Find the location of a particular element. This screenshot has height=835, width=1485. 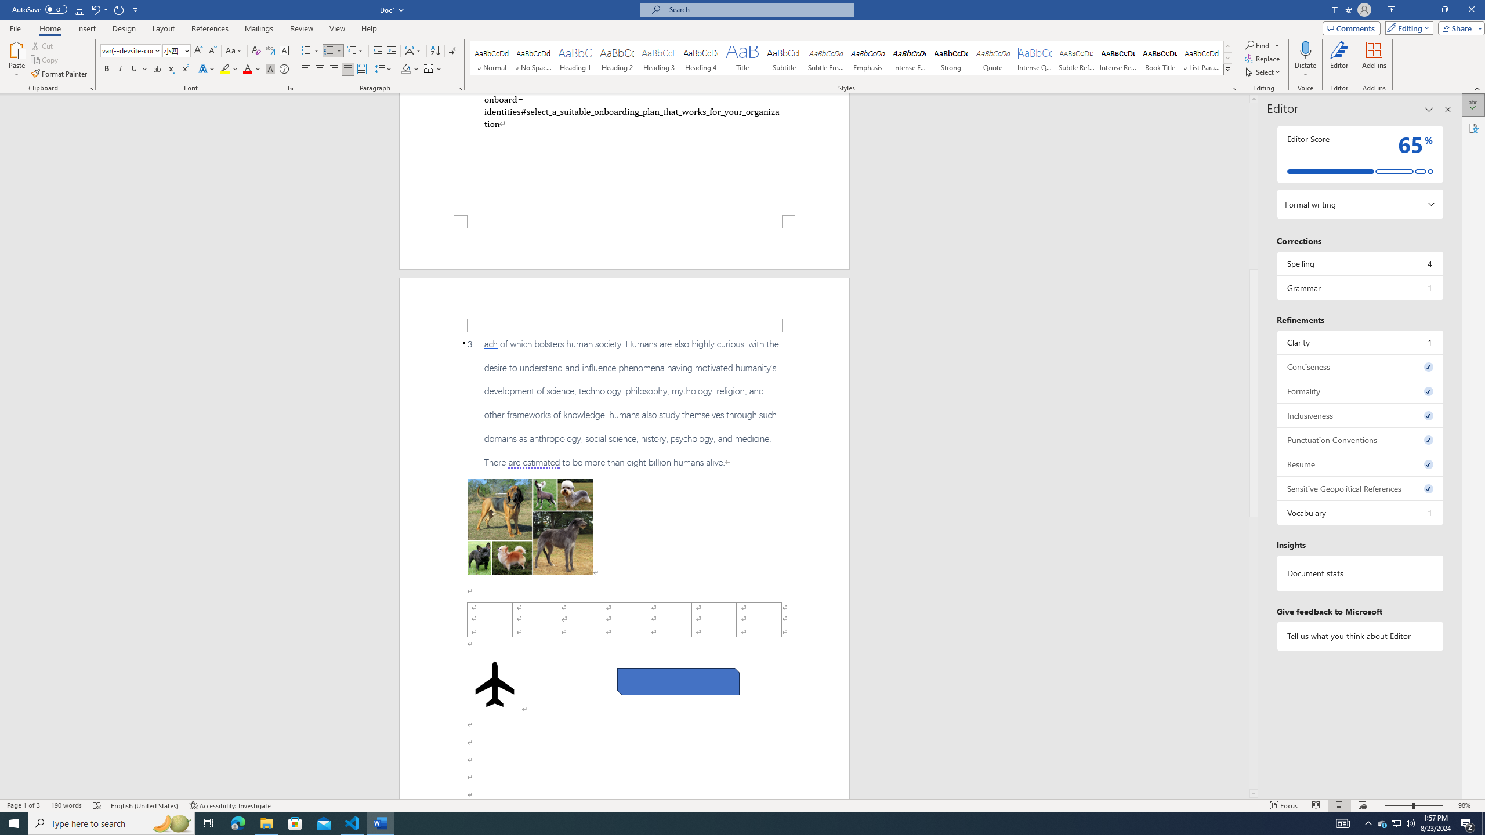

'Text Highlight Color' is located at coordinates (229, 68).